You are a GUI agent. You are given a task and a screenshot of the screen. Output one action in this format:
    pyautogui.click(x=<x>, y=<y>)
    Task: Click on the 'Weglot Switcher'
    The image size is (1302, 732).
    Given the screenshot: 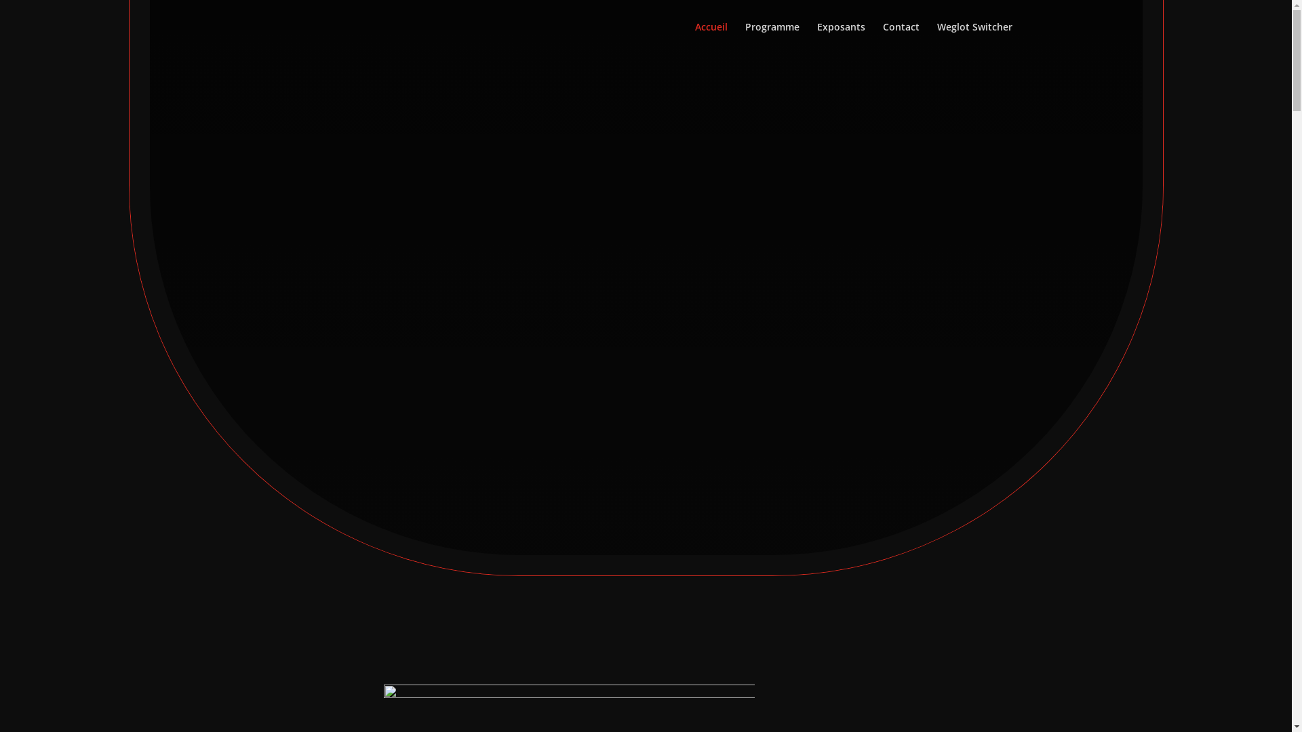 What is the action you would take?
    pyautogui.click(x=974, y=37)
    